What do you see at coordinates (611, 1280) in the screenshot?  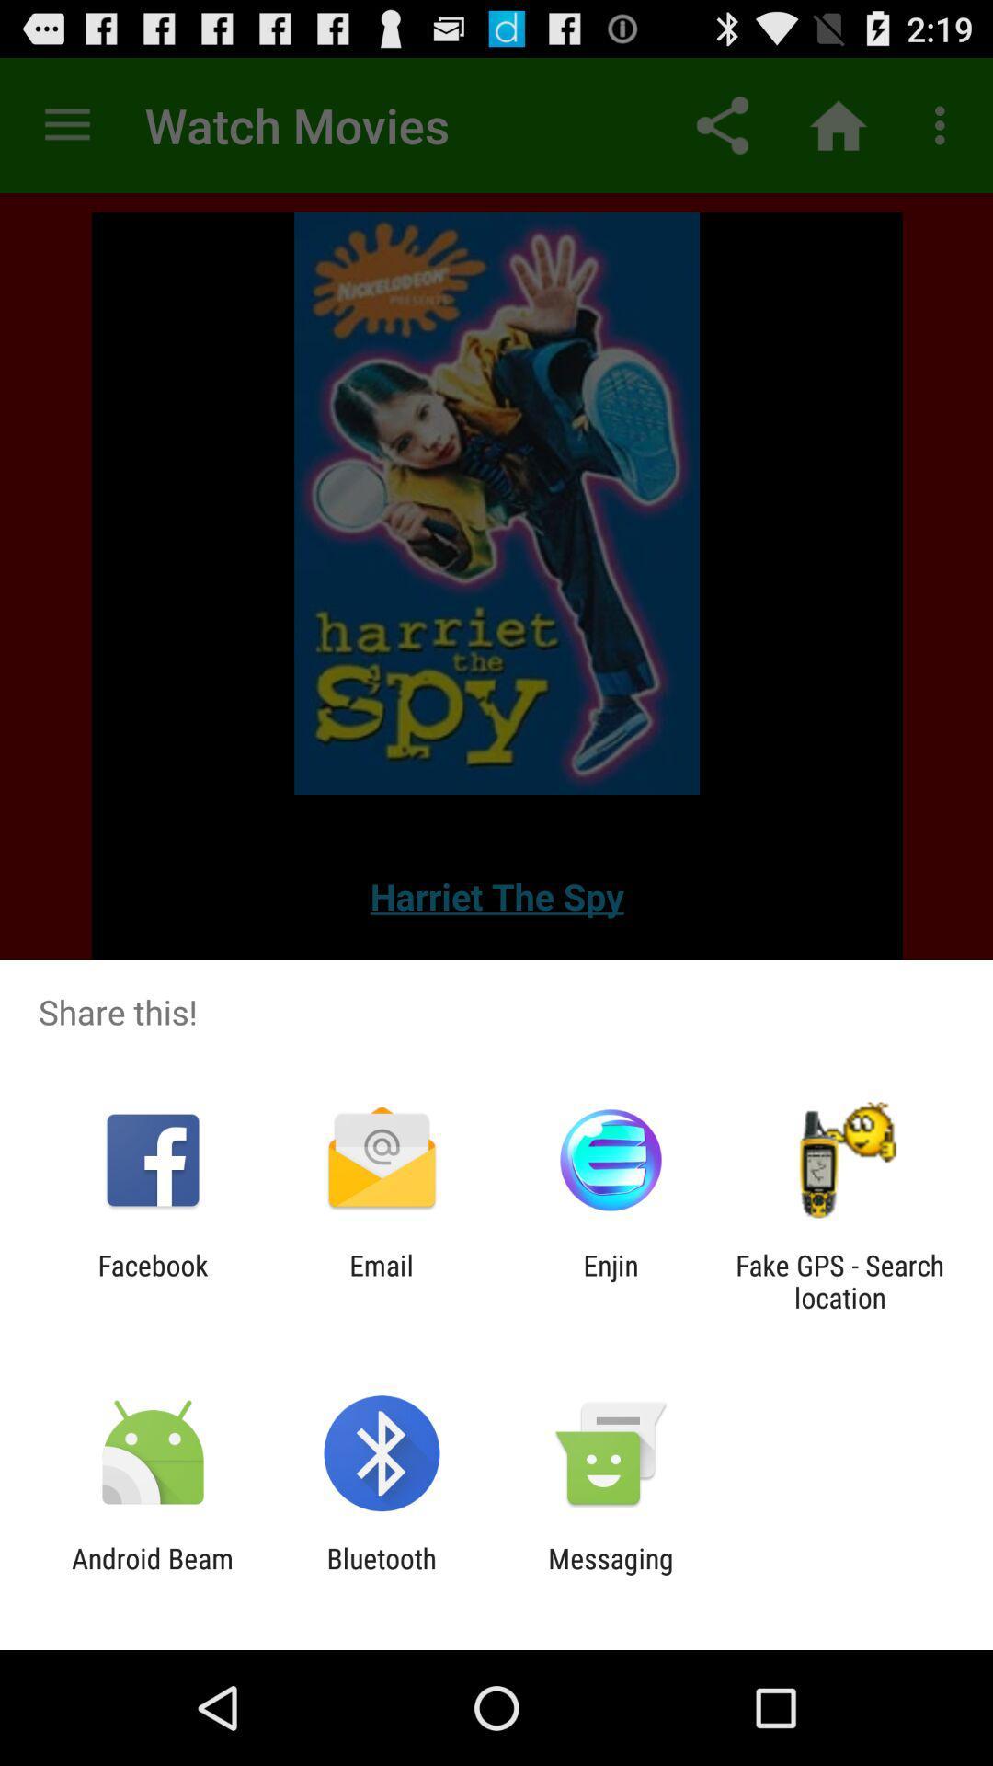 I see `the enjin app` at bounding box center [611, 1280].